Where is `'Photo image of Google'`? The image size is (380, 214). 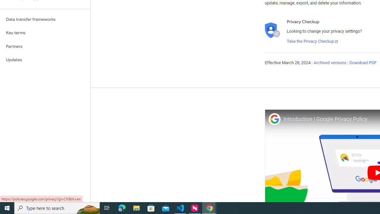
'Photo image of Google' is located at coordinates (274, 119).